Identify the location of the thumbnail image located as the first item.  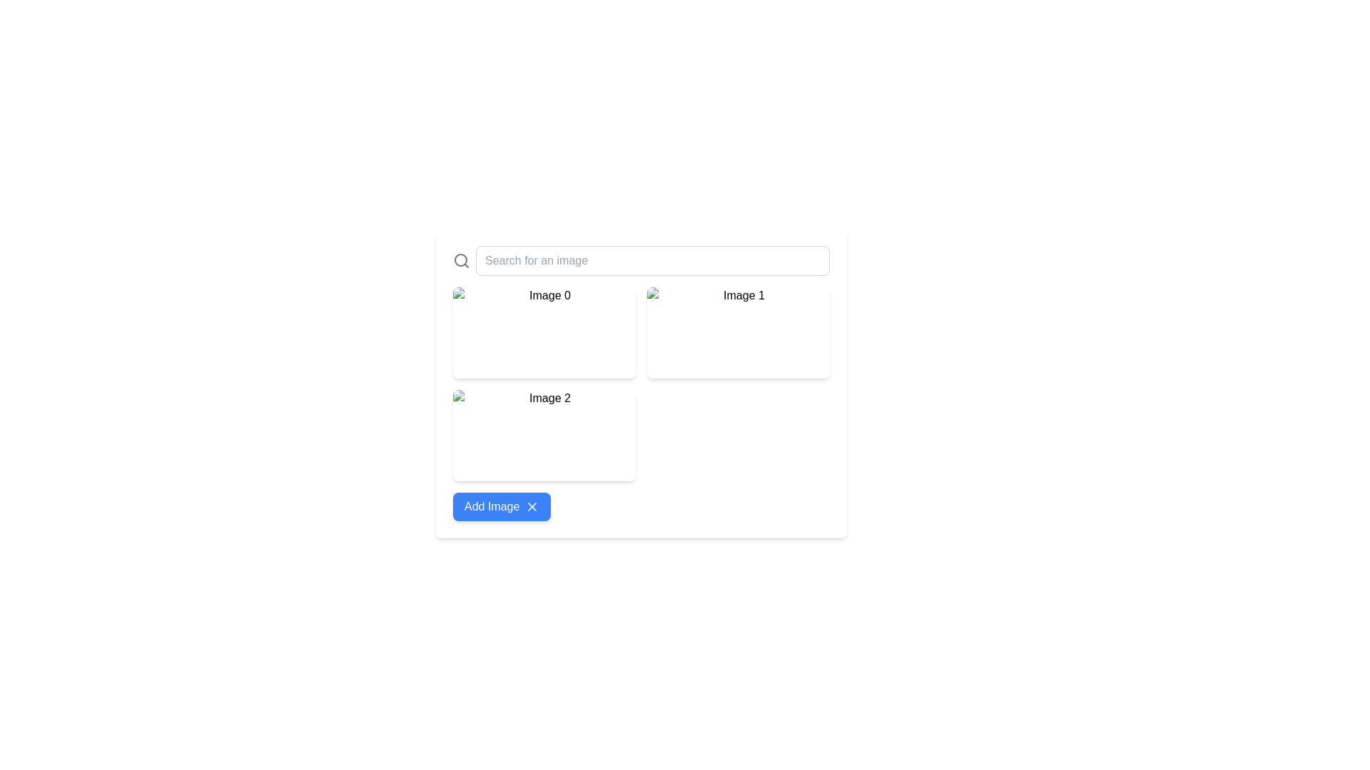
(544, 434).